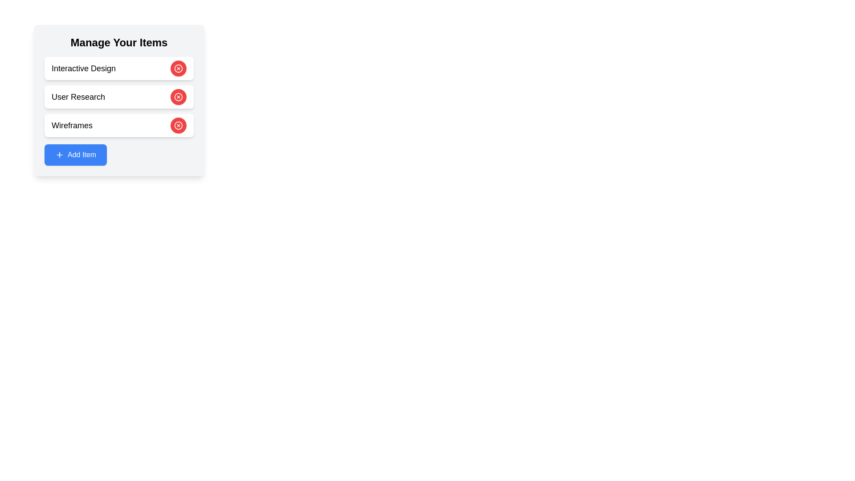 The height and width of the screenshot is (481, 855). What do you see at coordinates (75, 154) in the screenshot?
I see `'Add Item' button to add a new item to the list` at bounding box center [75, 154].